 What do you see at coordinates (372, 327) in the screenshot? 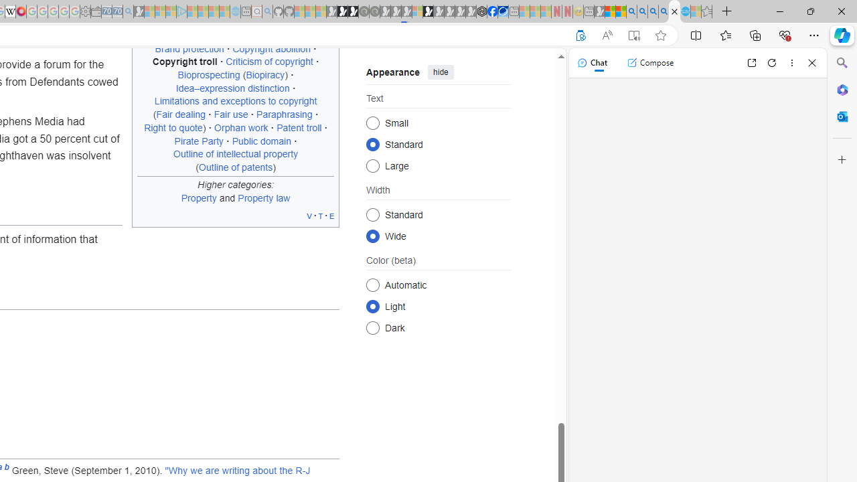
I see `'Dark'` at bounding box center [372, 327].